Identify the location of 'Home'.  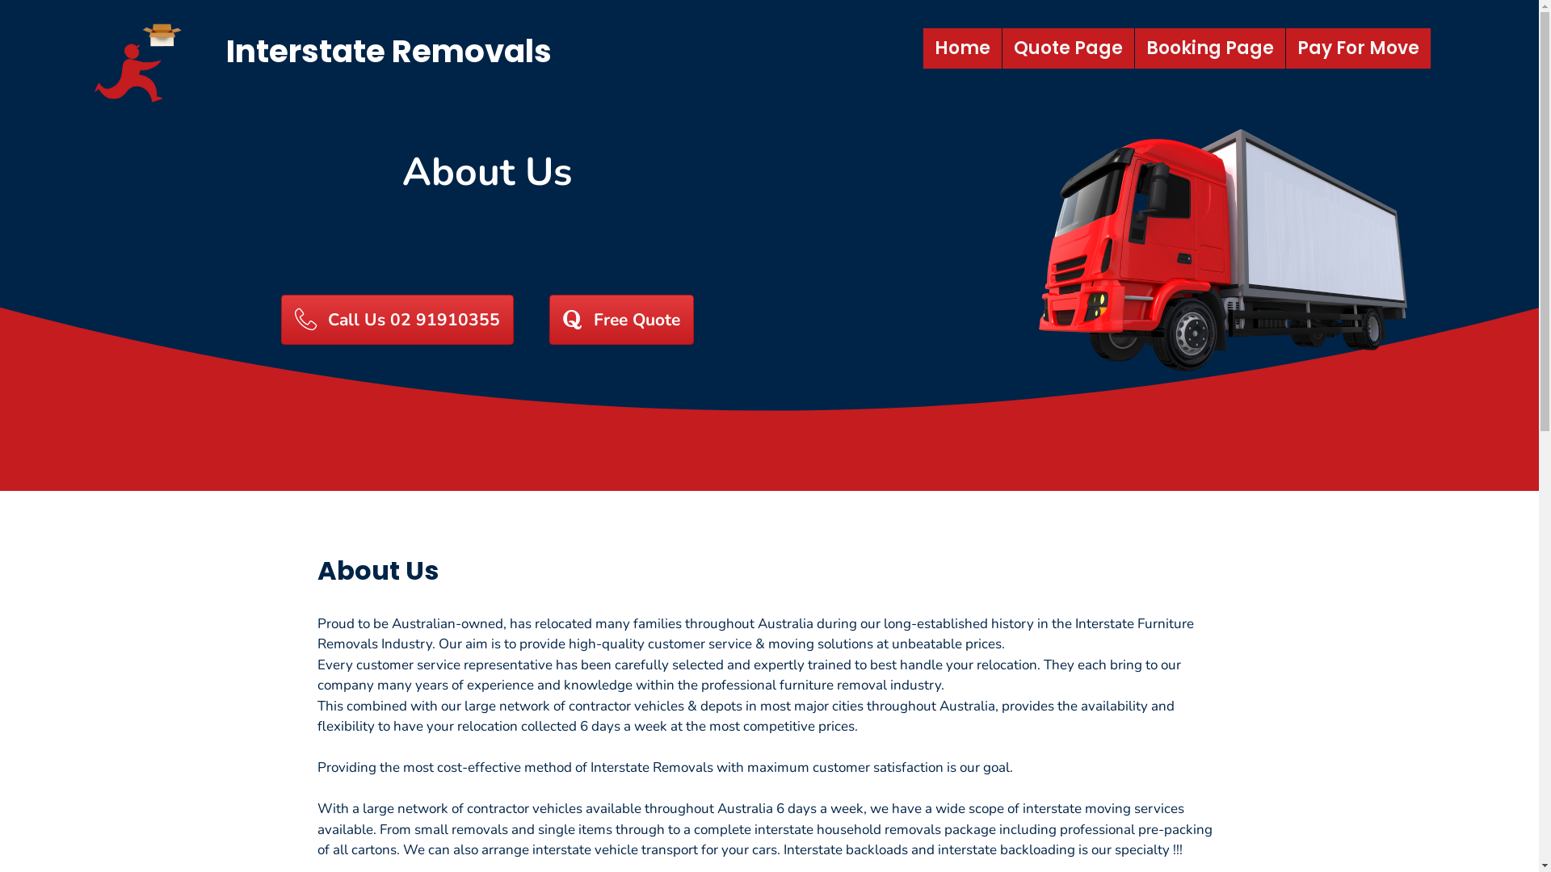
(962, 48).